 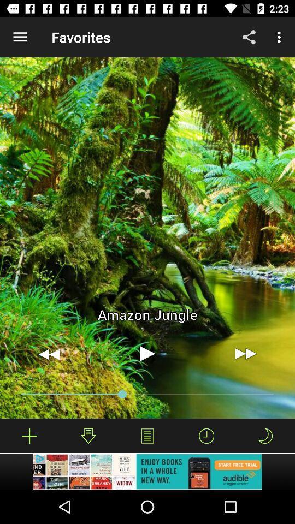 What do you see at coordinates (265, 436) in the screenshot?
I see `the fifth icon which is at the bottom right corner` at bounding box center [265, 436].